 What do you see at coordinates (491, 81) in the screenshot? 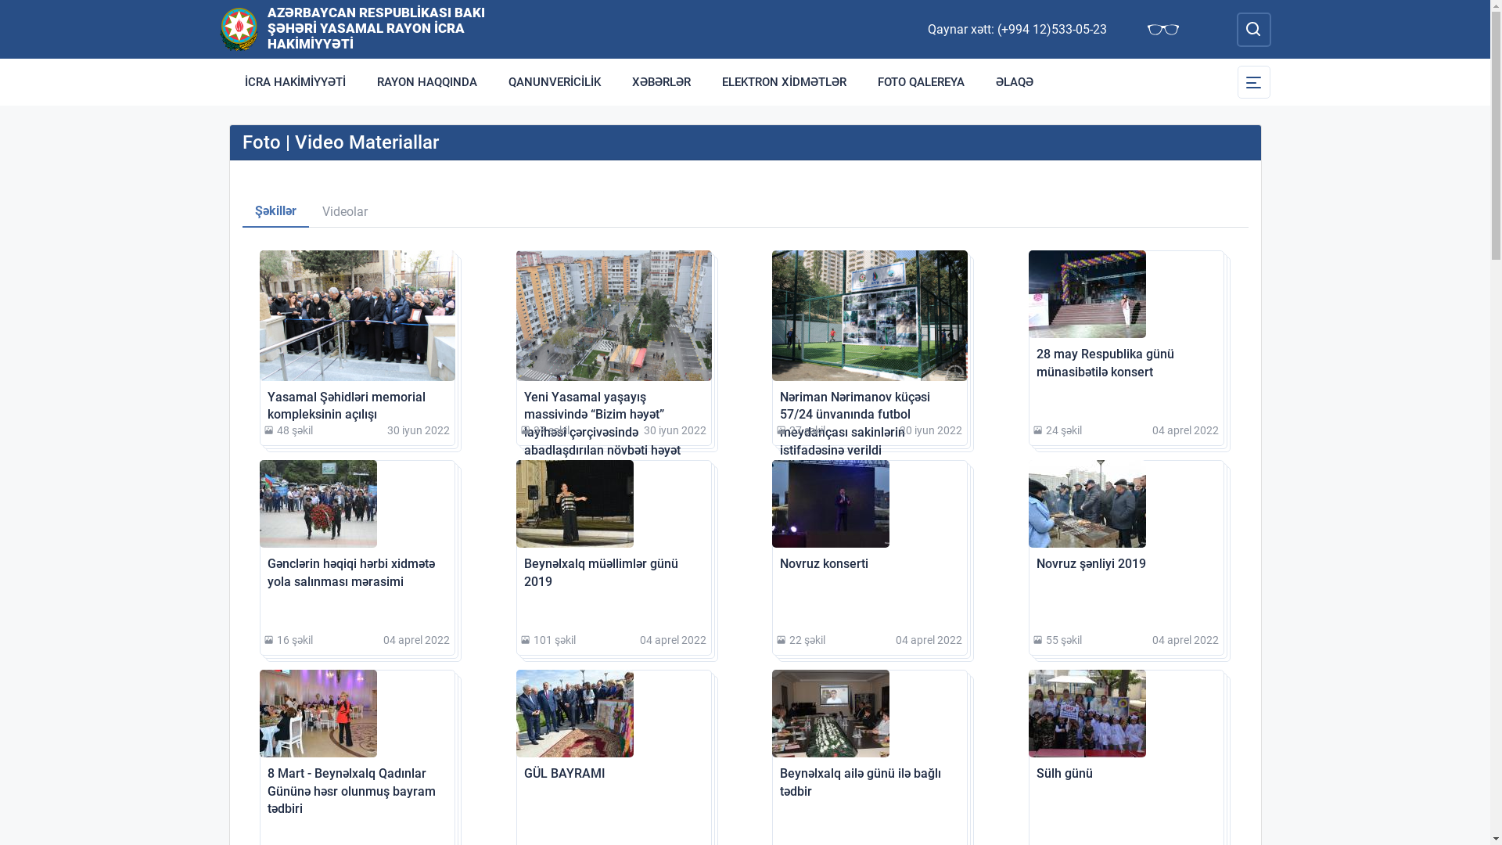
I see `'QANUNVERICILIK'` at bounding box center [491, 81].